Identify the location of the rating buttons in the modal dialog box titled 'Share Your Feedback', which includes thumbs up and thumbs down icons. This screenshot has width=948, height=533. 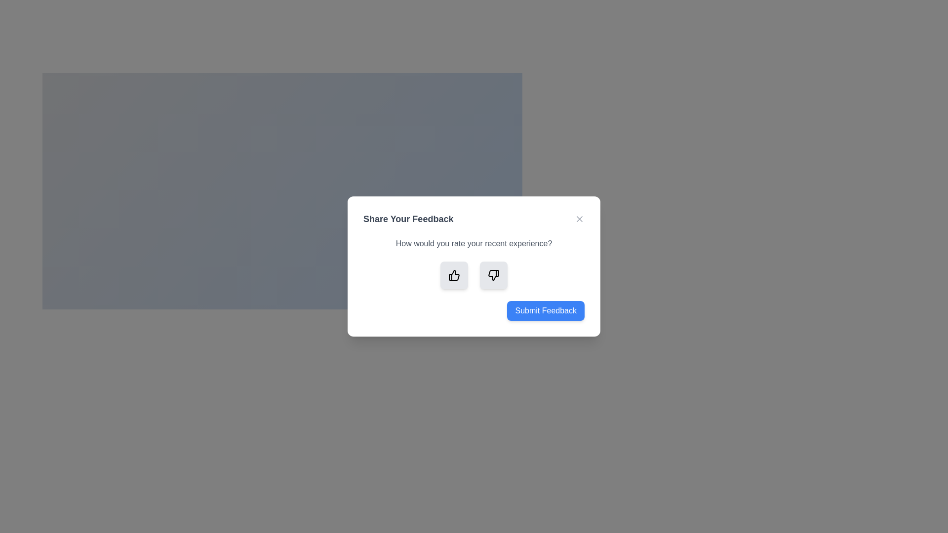
(474, 266).